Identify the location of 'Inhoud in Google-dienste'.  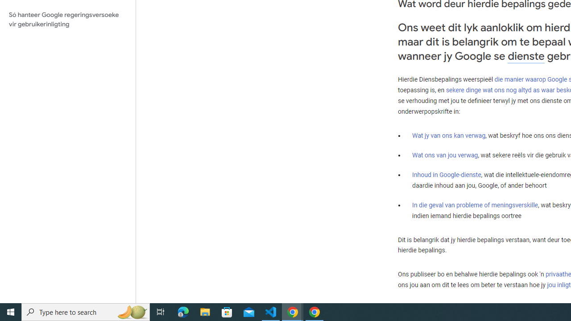
(447, 175).